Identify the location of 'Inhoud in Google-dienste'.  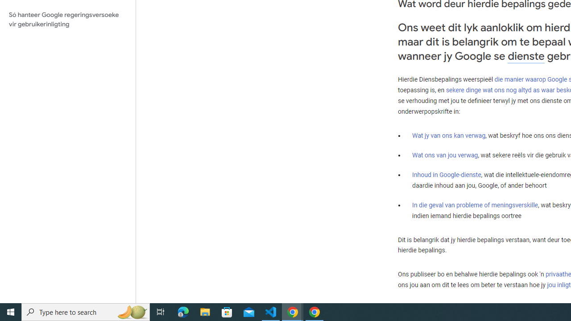
(447, 175).